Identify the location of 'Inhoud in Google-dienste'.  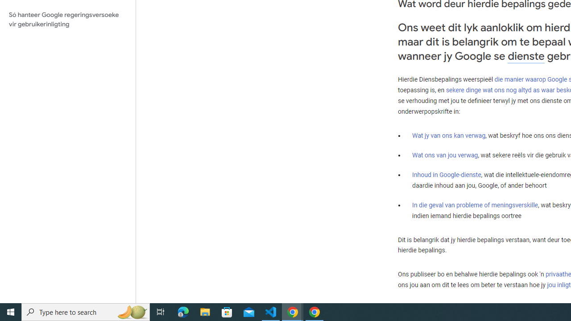
(447, 175).